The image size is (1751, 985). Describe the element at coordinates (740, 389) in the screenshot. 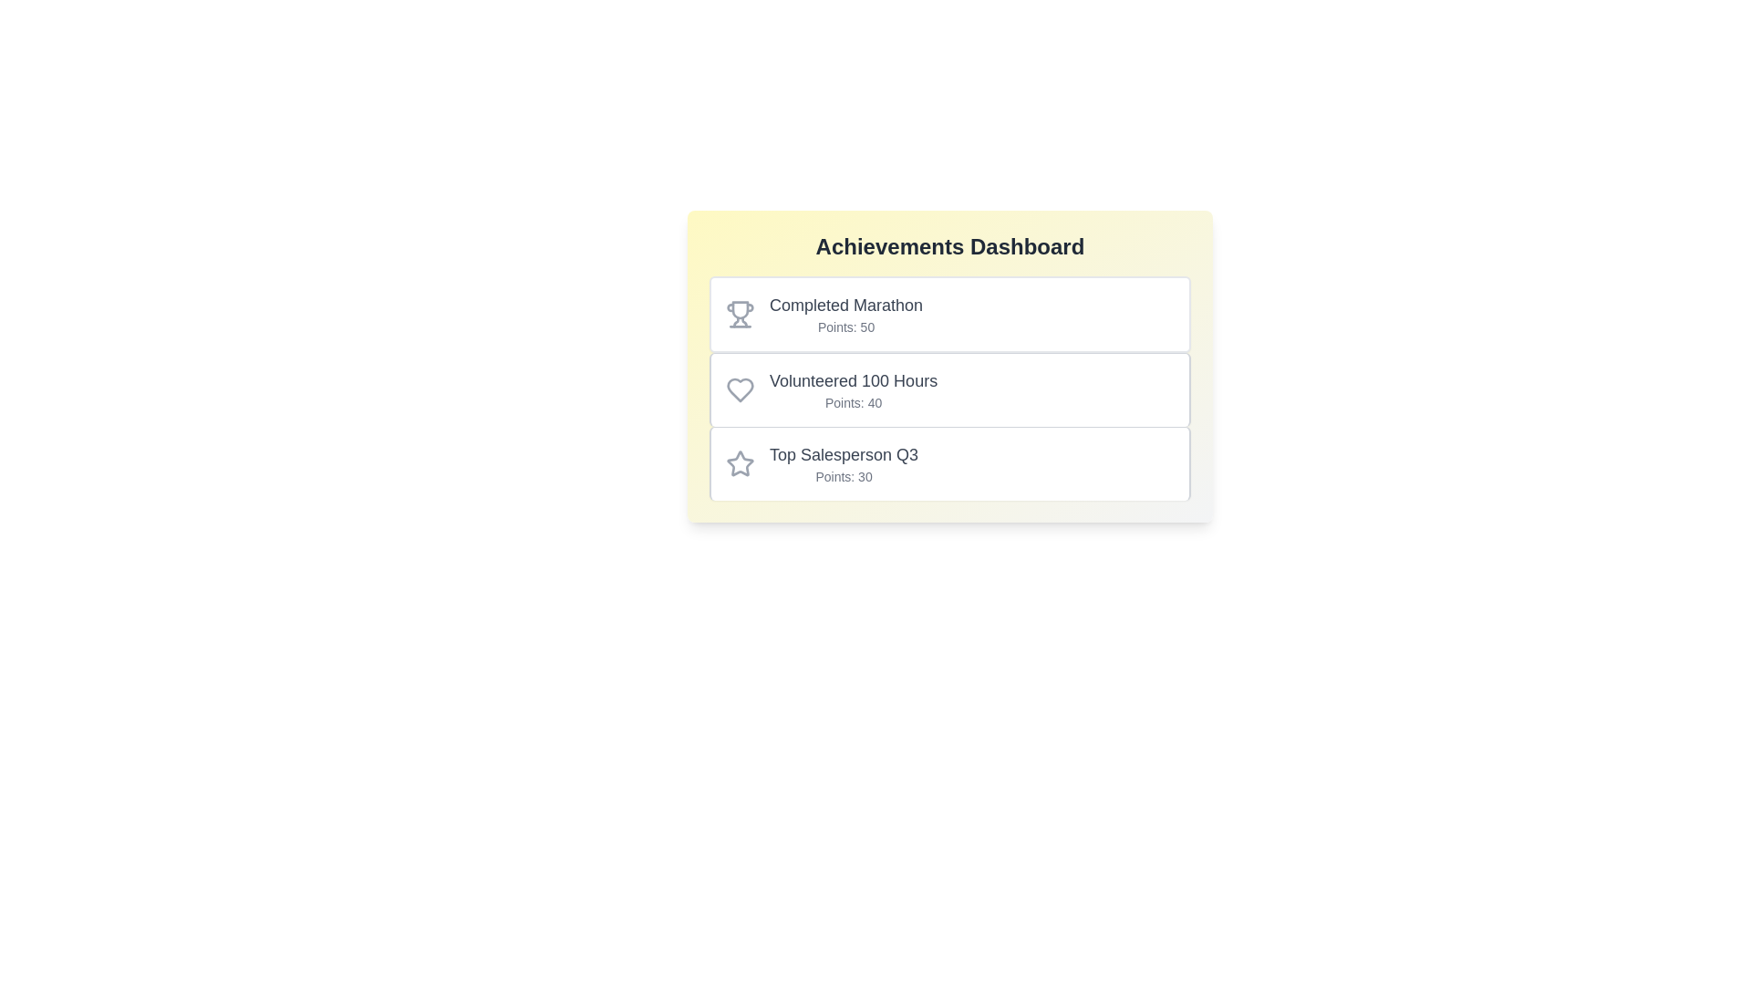

I see `the icon associated with the achievement Volunteered 100 Hours` at that location.